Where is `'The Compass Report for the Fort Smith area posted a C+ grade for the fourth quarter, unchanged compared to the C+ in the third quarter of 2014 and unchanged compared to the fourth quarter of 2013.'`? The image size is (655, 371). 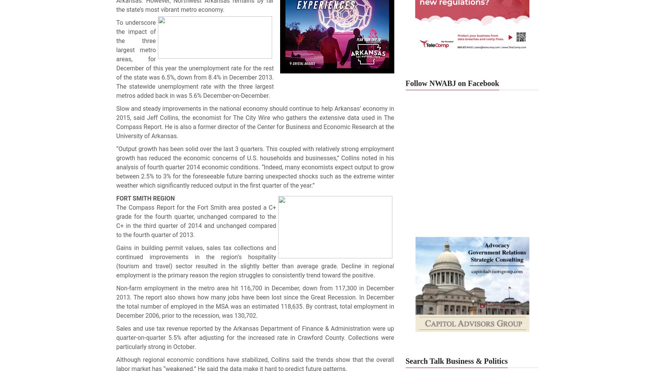 'The Compass Report for the Fort Smith area posted a C+ grade for the fourth quarter, unchanged compared to the C+ in the third quarter of 2014 and unchanged compared to the fourth quarter of 2013.' is located at coordinates (196, 221).